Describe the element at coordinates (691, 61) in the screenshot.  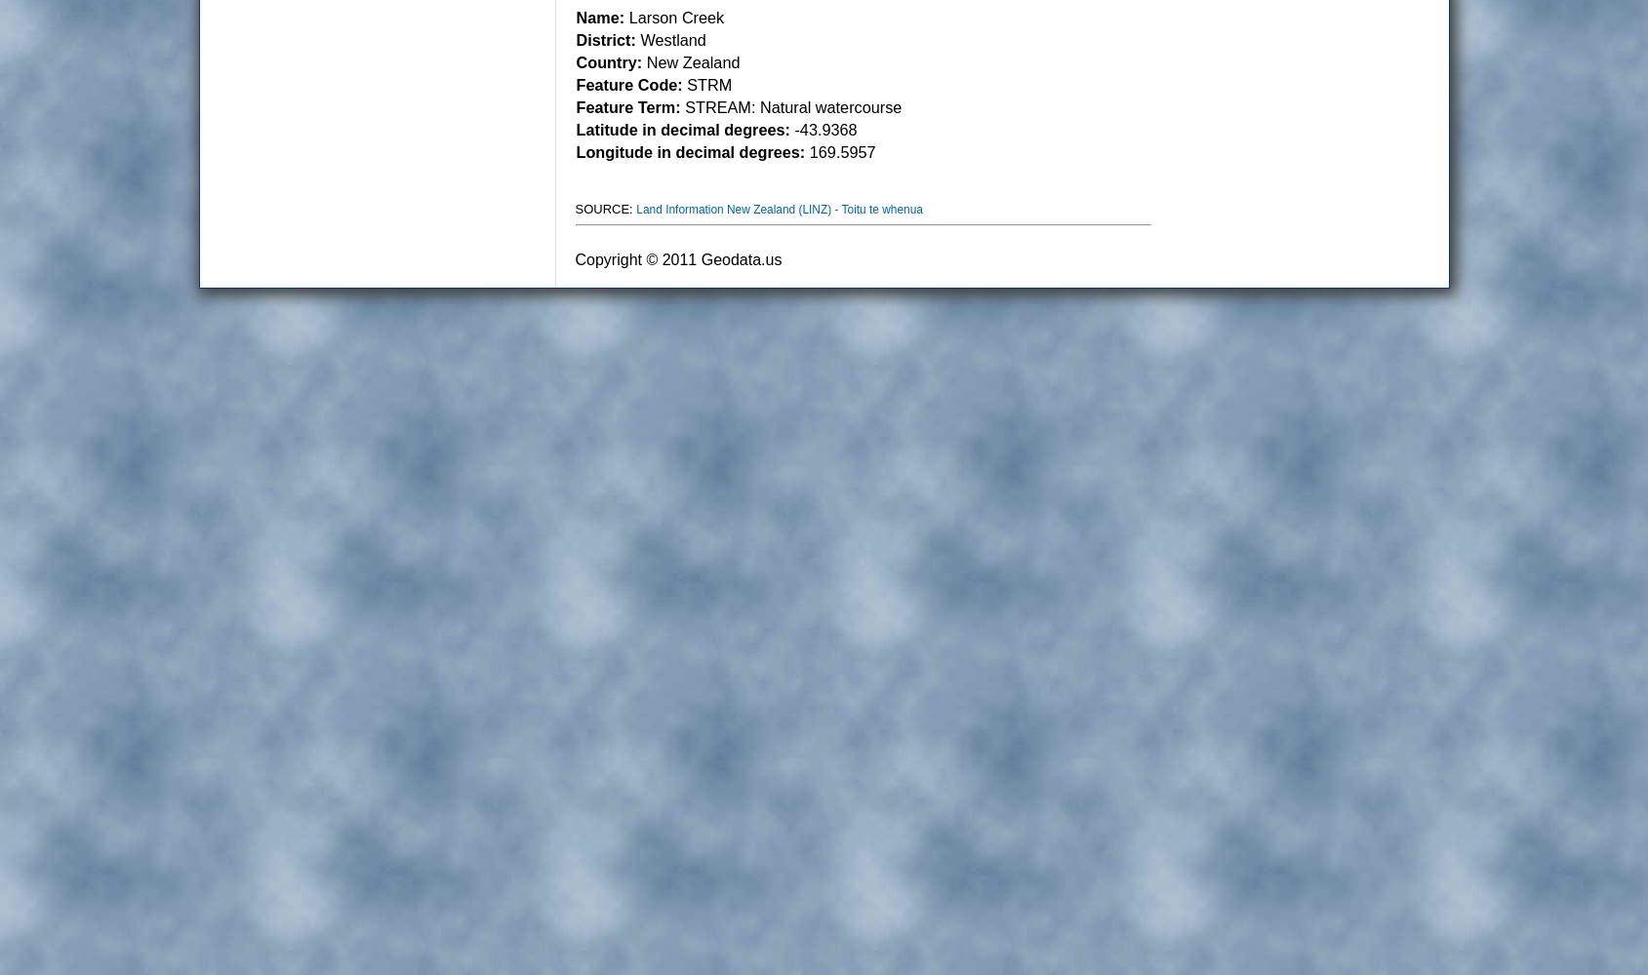
I see `'New Zealand'` at that location.